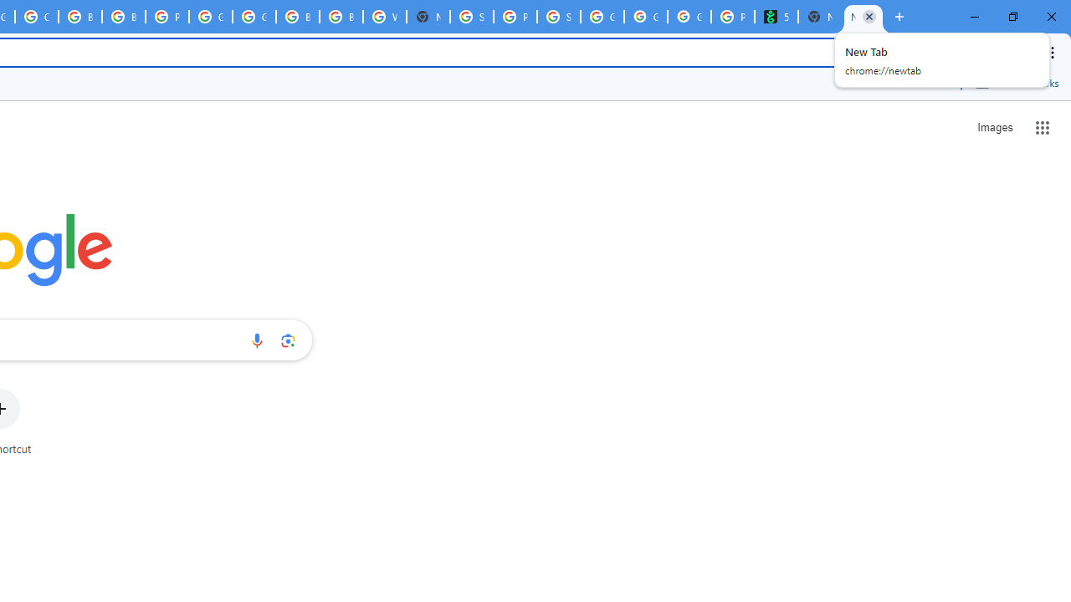 The width and height of the screenshot is (1071, 602). What do you see at coordinates (288, 339) in the screenshot?
I see `'Search by image'` at bounding box center [288, 339].